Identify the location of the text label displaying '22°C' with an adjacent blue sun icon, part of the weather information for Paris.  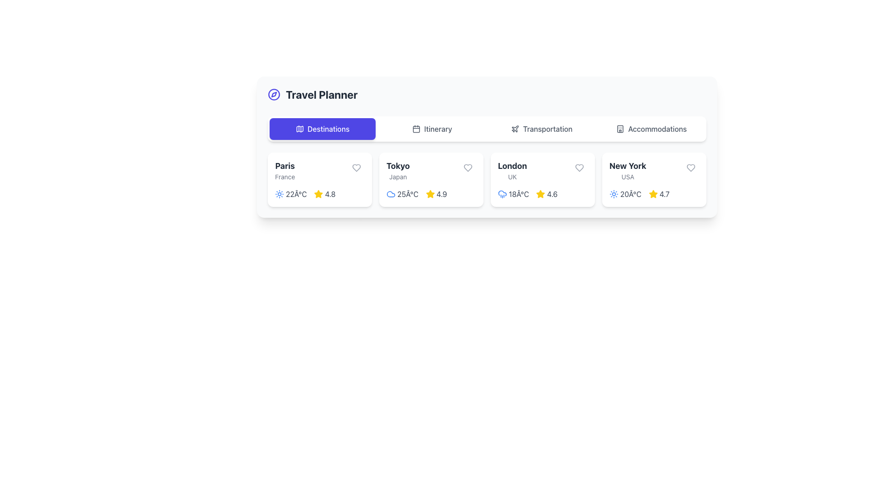
(291, 193).